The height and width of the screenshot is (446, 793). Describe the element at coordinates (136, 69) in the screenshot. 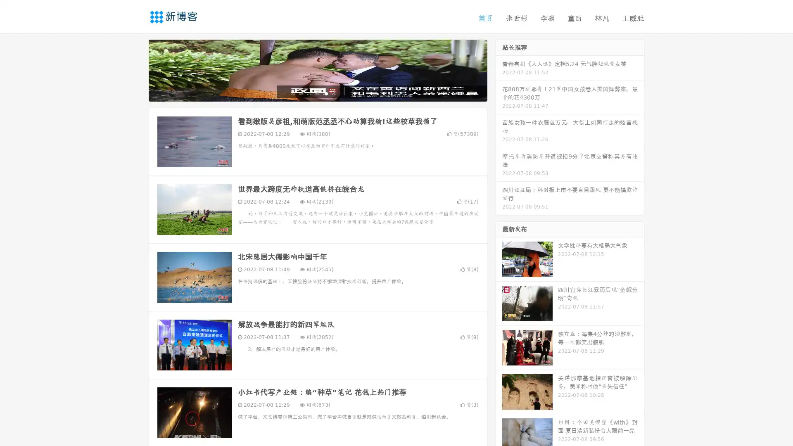

I see `Previous slide` at that location.